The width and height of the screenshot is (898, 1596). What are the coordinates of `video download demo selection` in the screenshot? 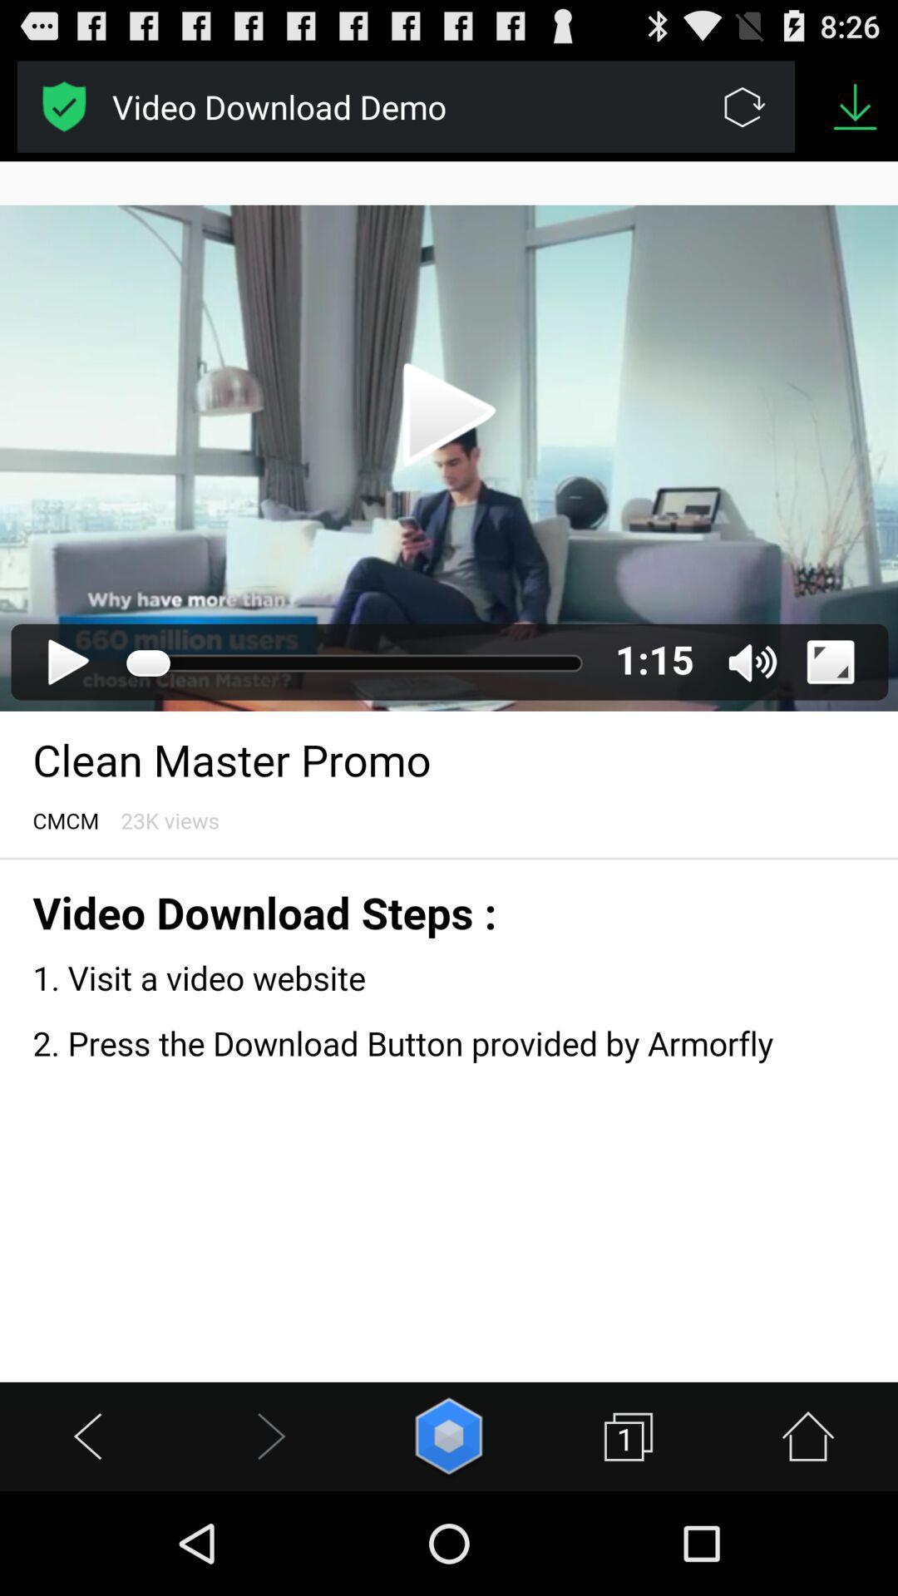 It's located at (63, 106).